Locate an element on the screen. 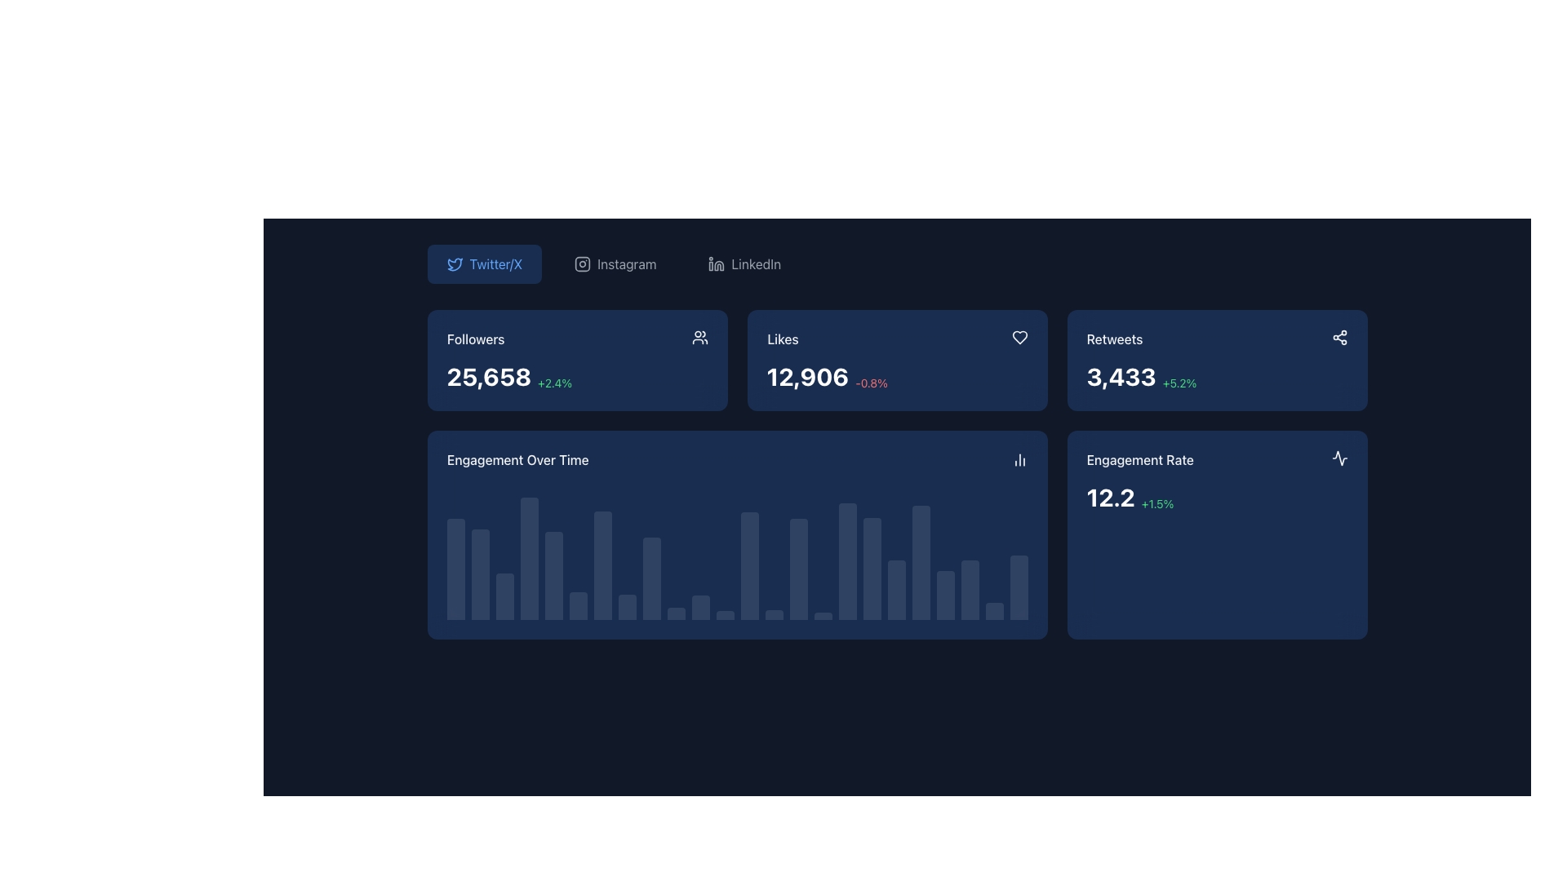 The image size is (1567, 881). the 21st vertical bar in the histogram, which is part of the 'Engagement Over Time' section, styled with a translucent white shade is located at coordinates (945, 595).